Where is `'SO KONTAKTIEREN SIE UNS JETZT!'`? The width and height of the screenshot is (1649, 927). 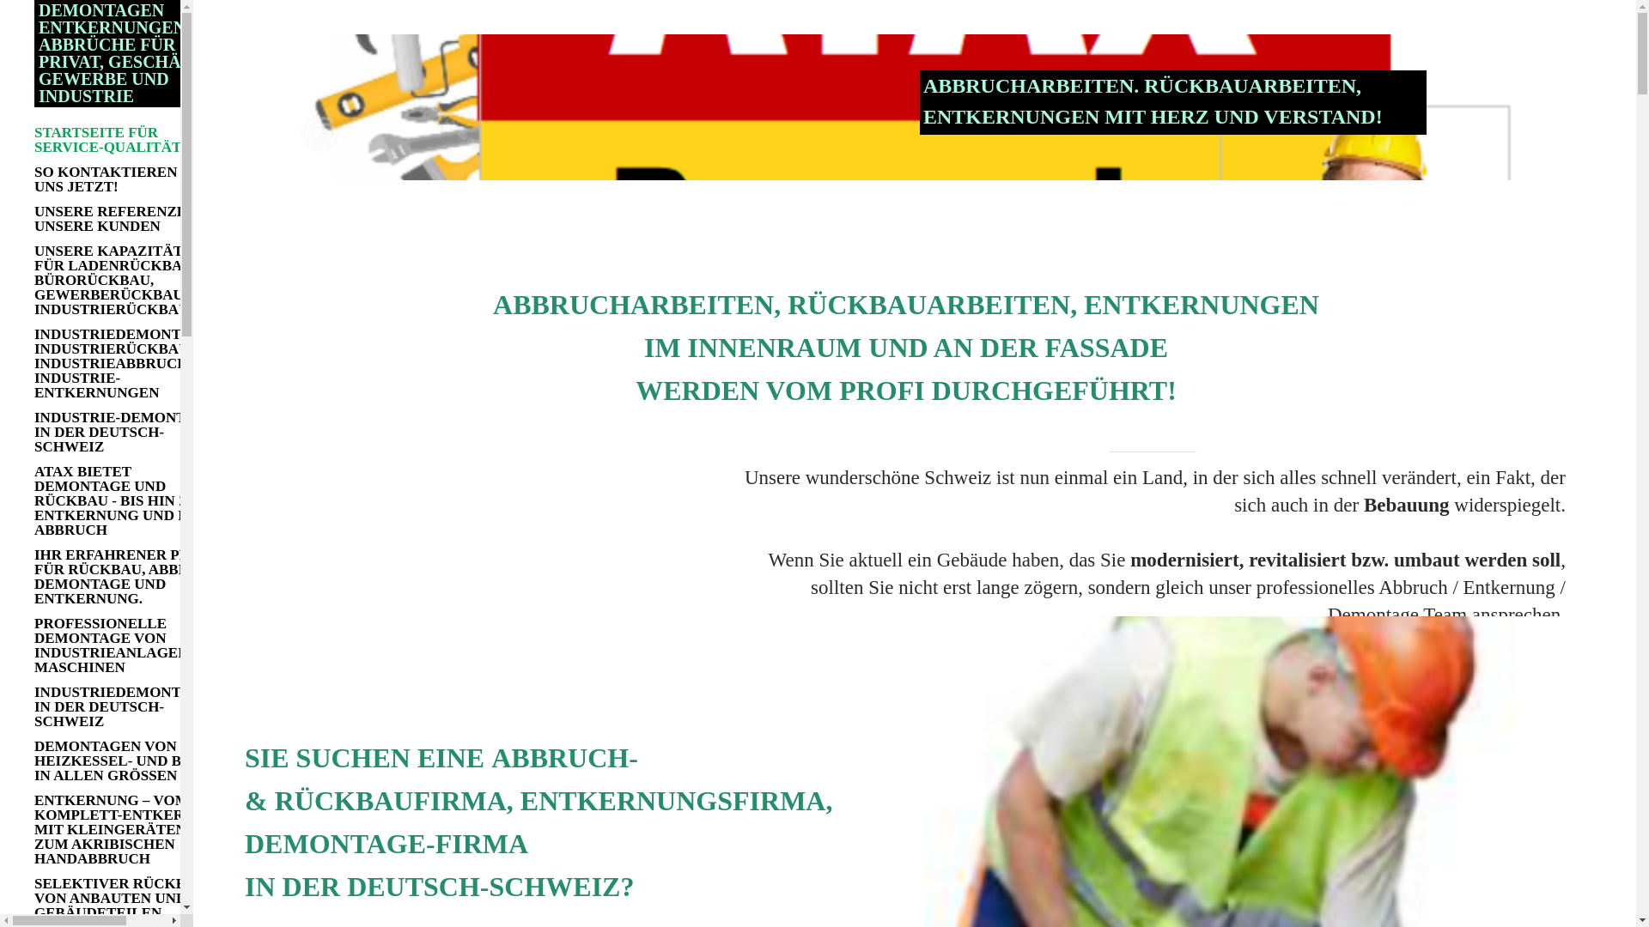
'SO KONTAKTIEREN SIE UNS JETZT!' is located at coordinates (131, 179).